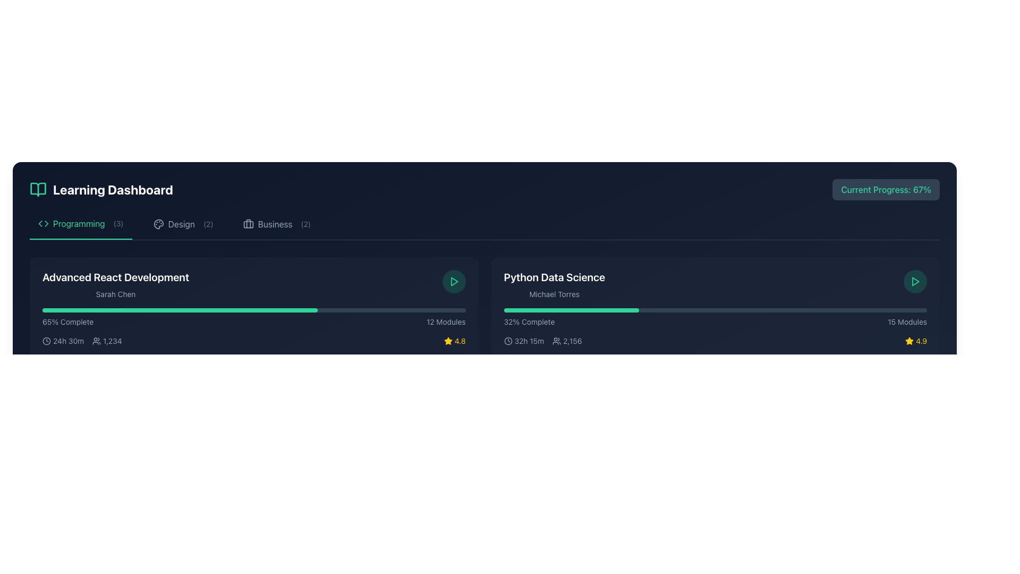  What do you see at coordinates (305, 223) in the screenshot?
I see `the small text label displaying '(2)', which is styled in light gray and located adjacent to the word 'Business' in the Learning Dashboard section` at bounding box center [305, 223].